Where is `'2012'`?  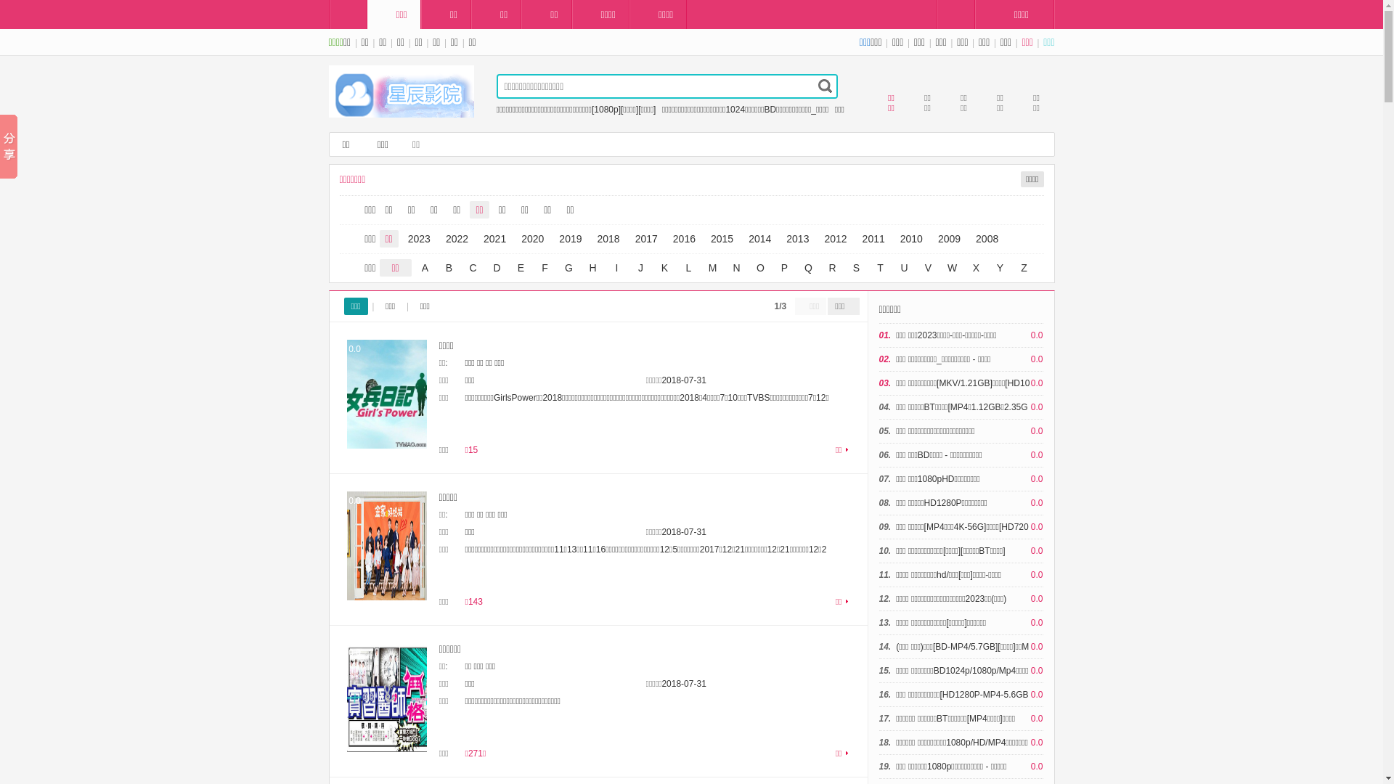 '2012' is located at coordinates (835, 237).